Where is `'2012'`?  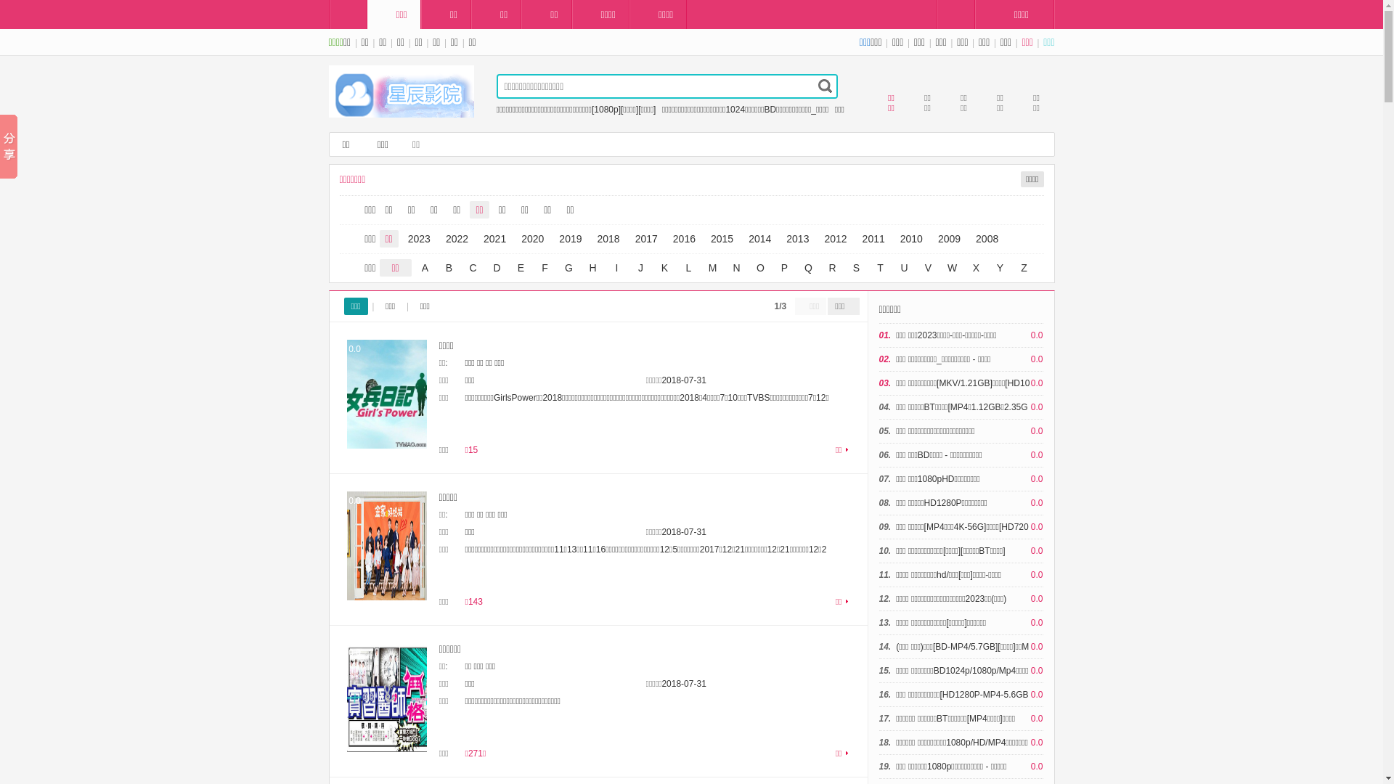 '2012' is located at coordinates (835, 237).